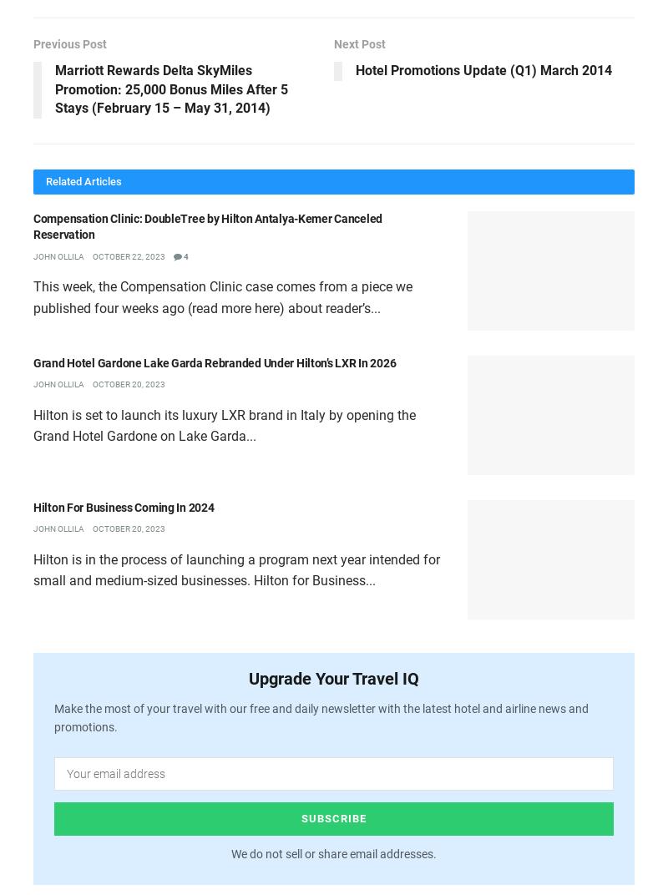 This screenshot has width=668, height=895. I want to click on 'Hotel Promotions Update (Q1) March 2014', so click(483, 70).